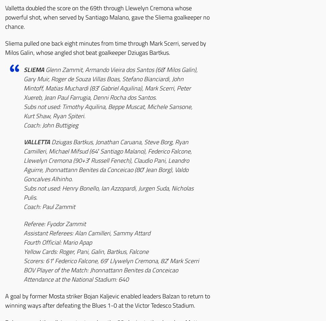 This screenshot has height=321, width=326. What do you see at coordinates (58, 242) in the screenshot?
I see `'Fourth Official: Mario Apap'` at bounding box center [58, 242].